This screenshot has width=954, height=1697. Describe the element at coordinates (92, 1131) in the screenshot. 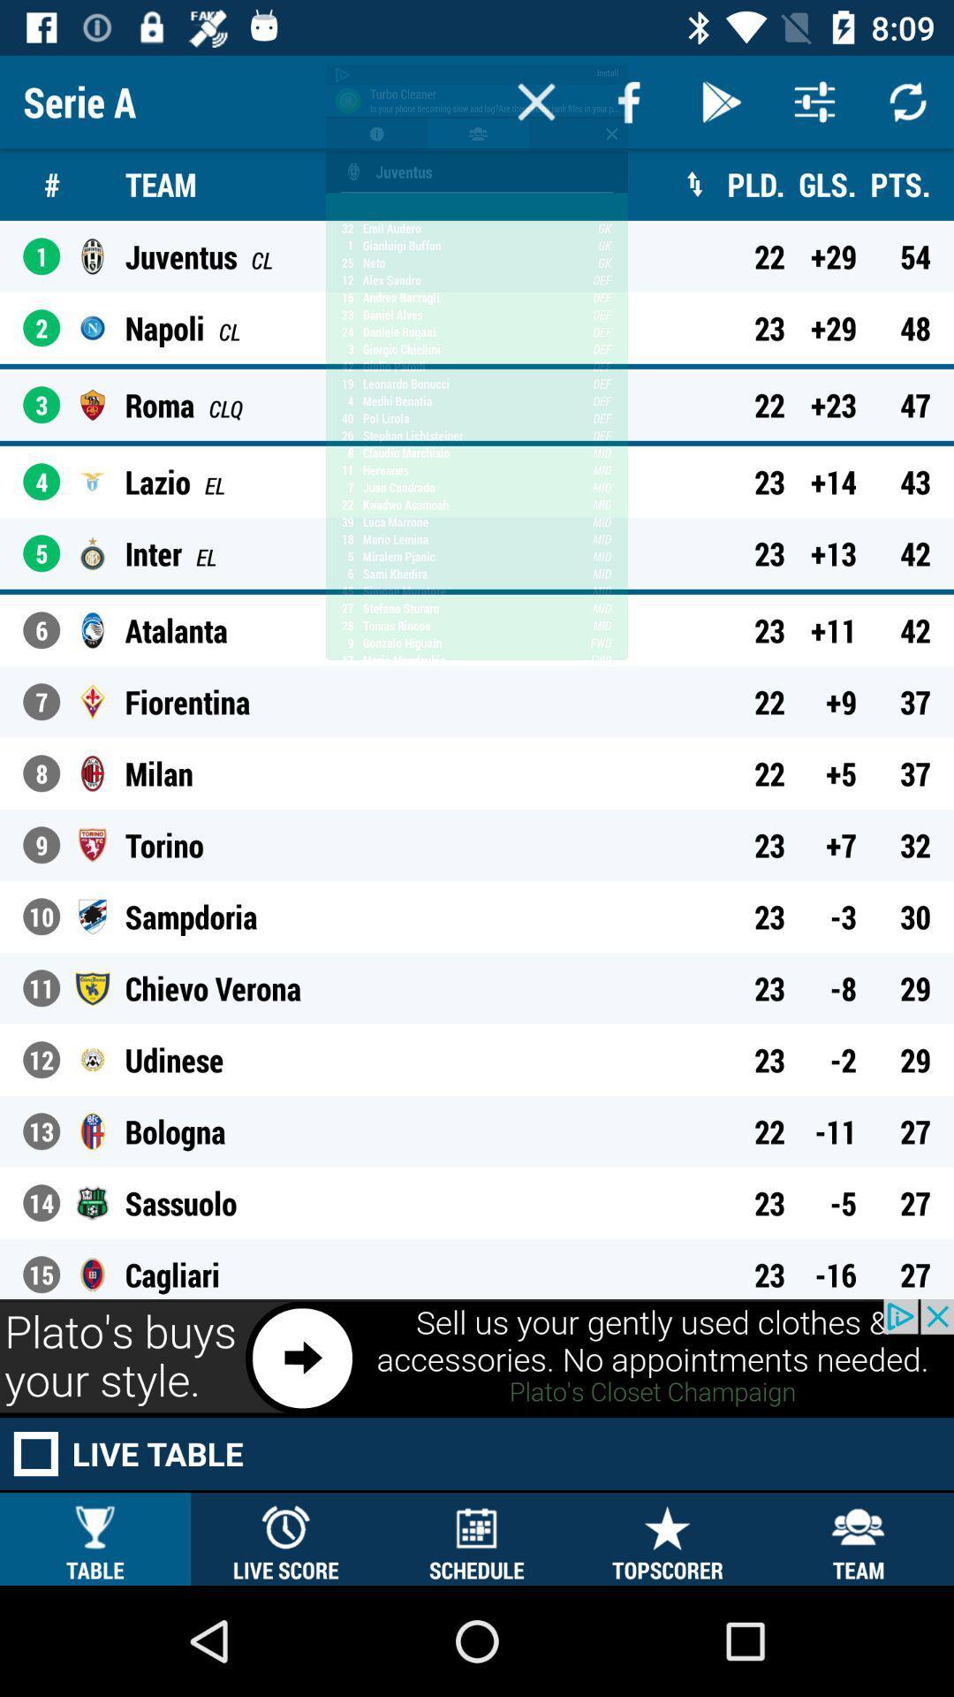

I see `third logo from bottom` at that location.